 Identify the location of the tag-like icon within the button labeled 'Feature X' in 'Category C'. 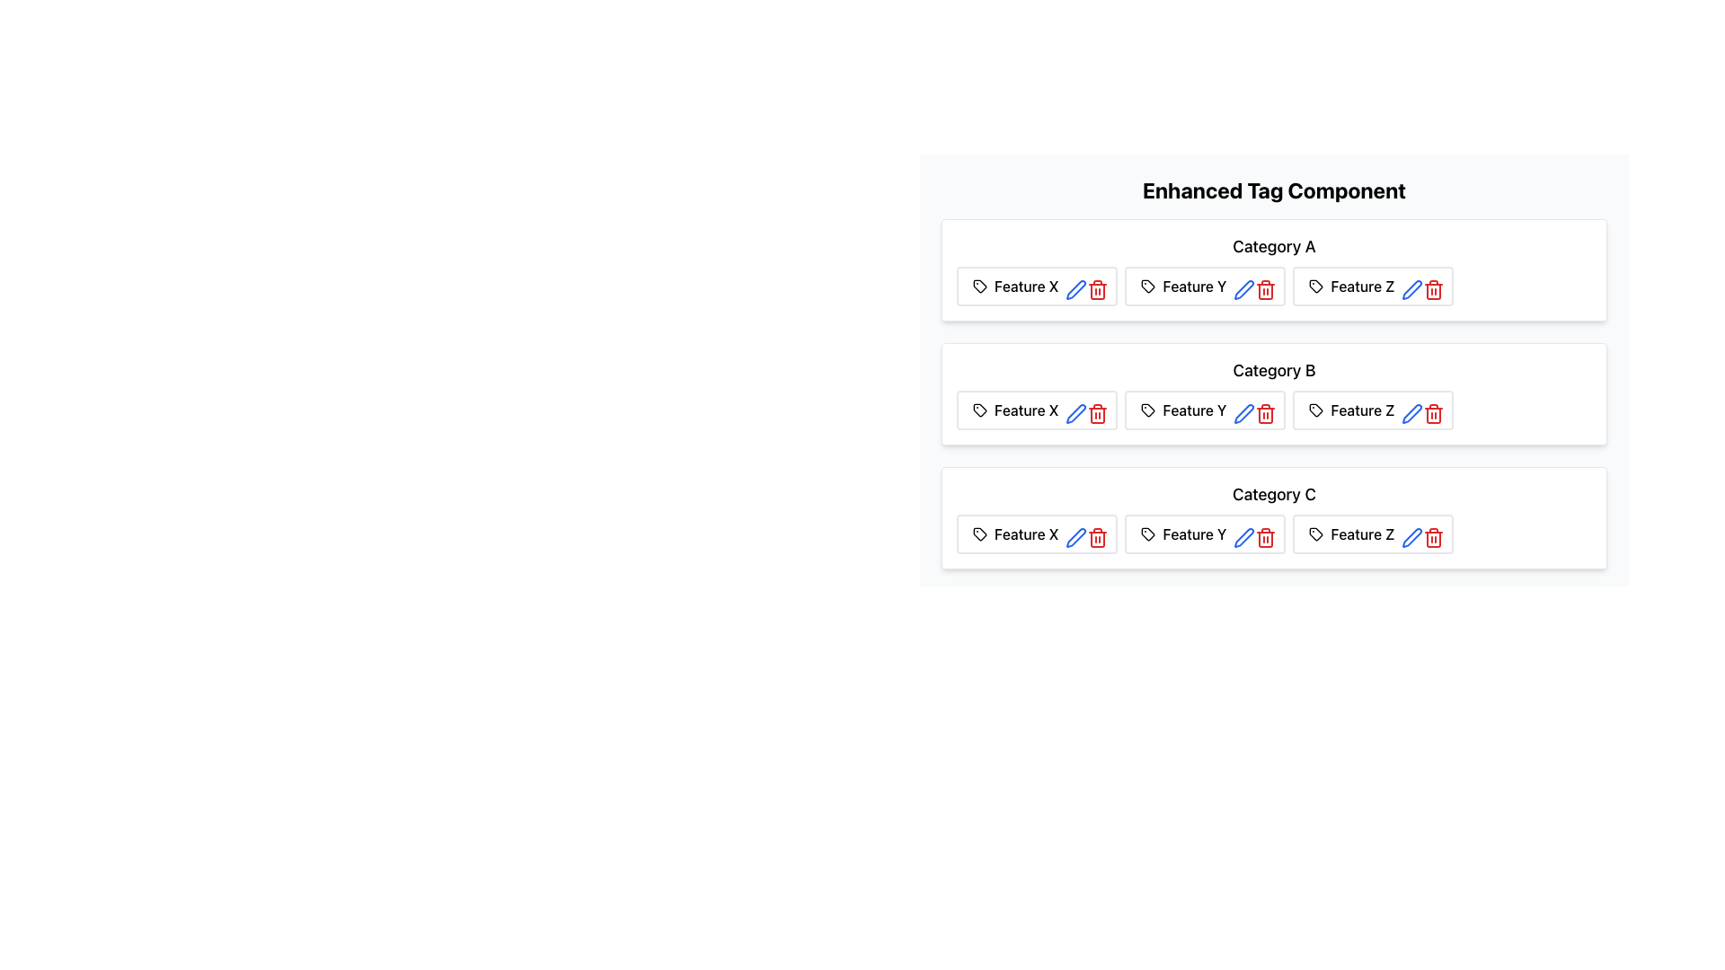
(977, 533).